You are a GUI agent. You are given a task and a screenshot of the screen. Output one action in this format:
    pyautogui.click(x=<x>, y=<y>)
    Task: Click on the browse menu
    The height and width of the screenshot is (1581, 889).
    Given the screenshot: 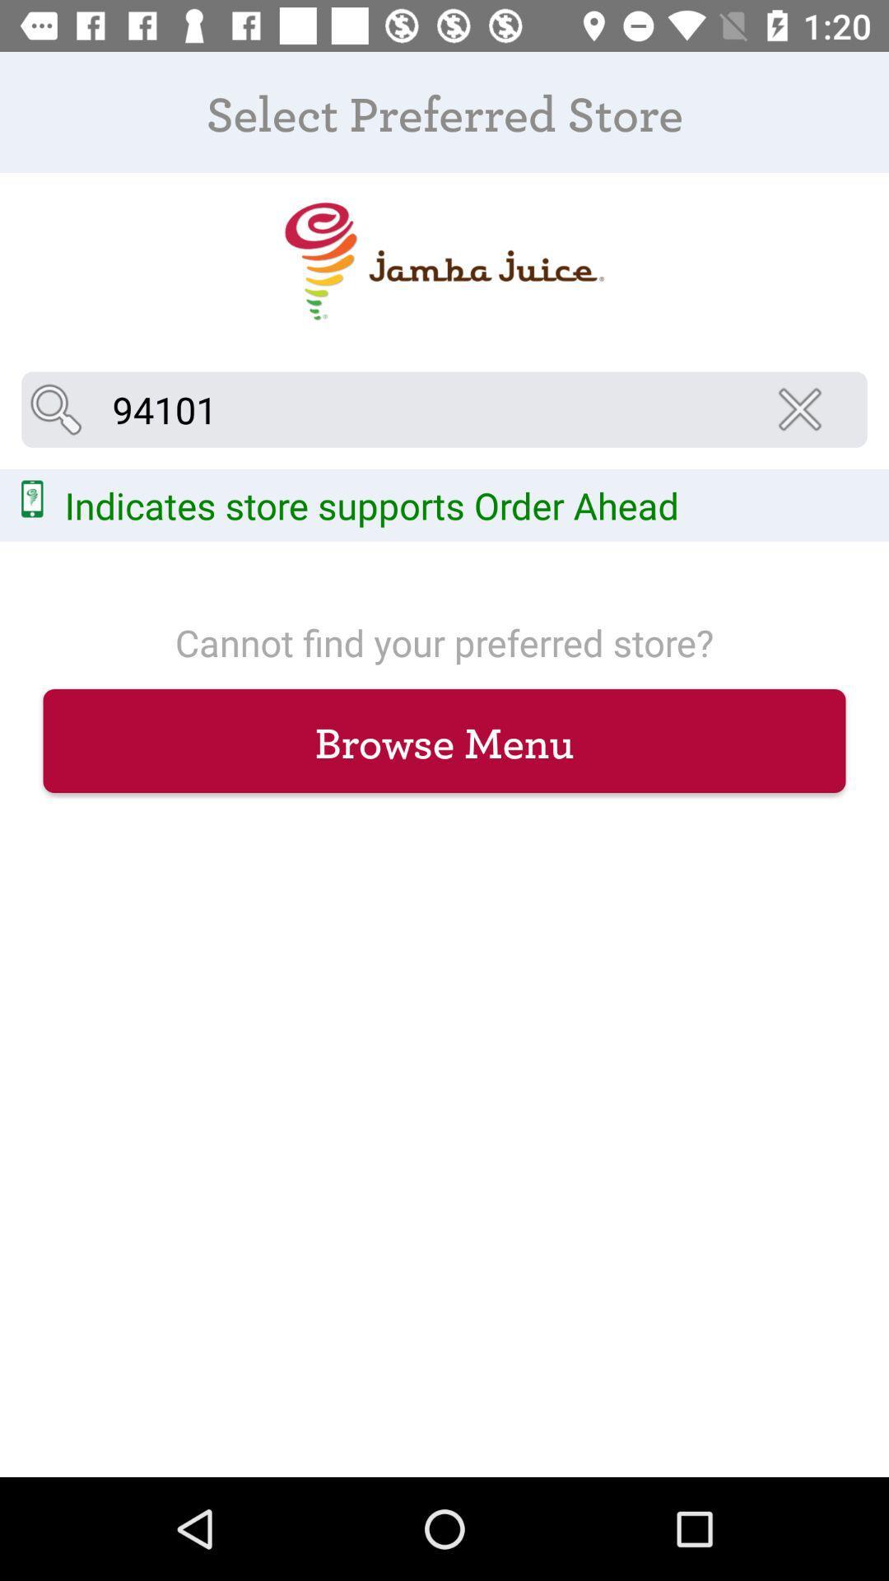 What is the action you would take?
    pyautogui.click(x=444, y=739)
    